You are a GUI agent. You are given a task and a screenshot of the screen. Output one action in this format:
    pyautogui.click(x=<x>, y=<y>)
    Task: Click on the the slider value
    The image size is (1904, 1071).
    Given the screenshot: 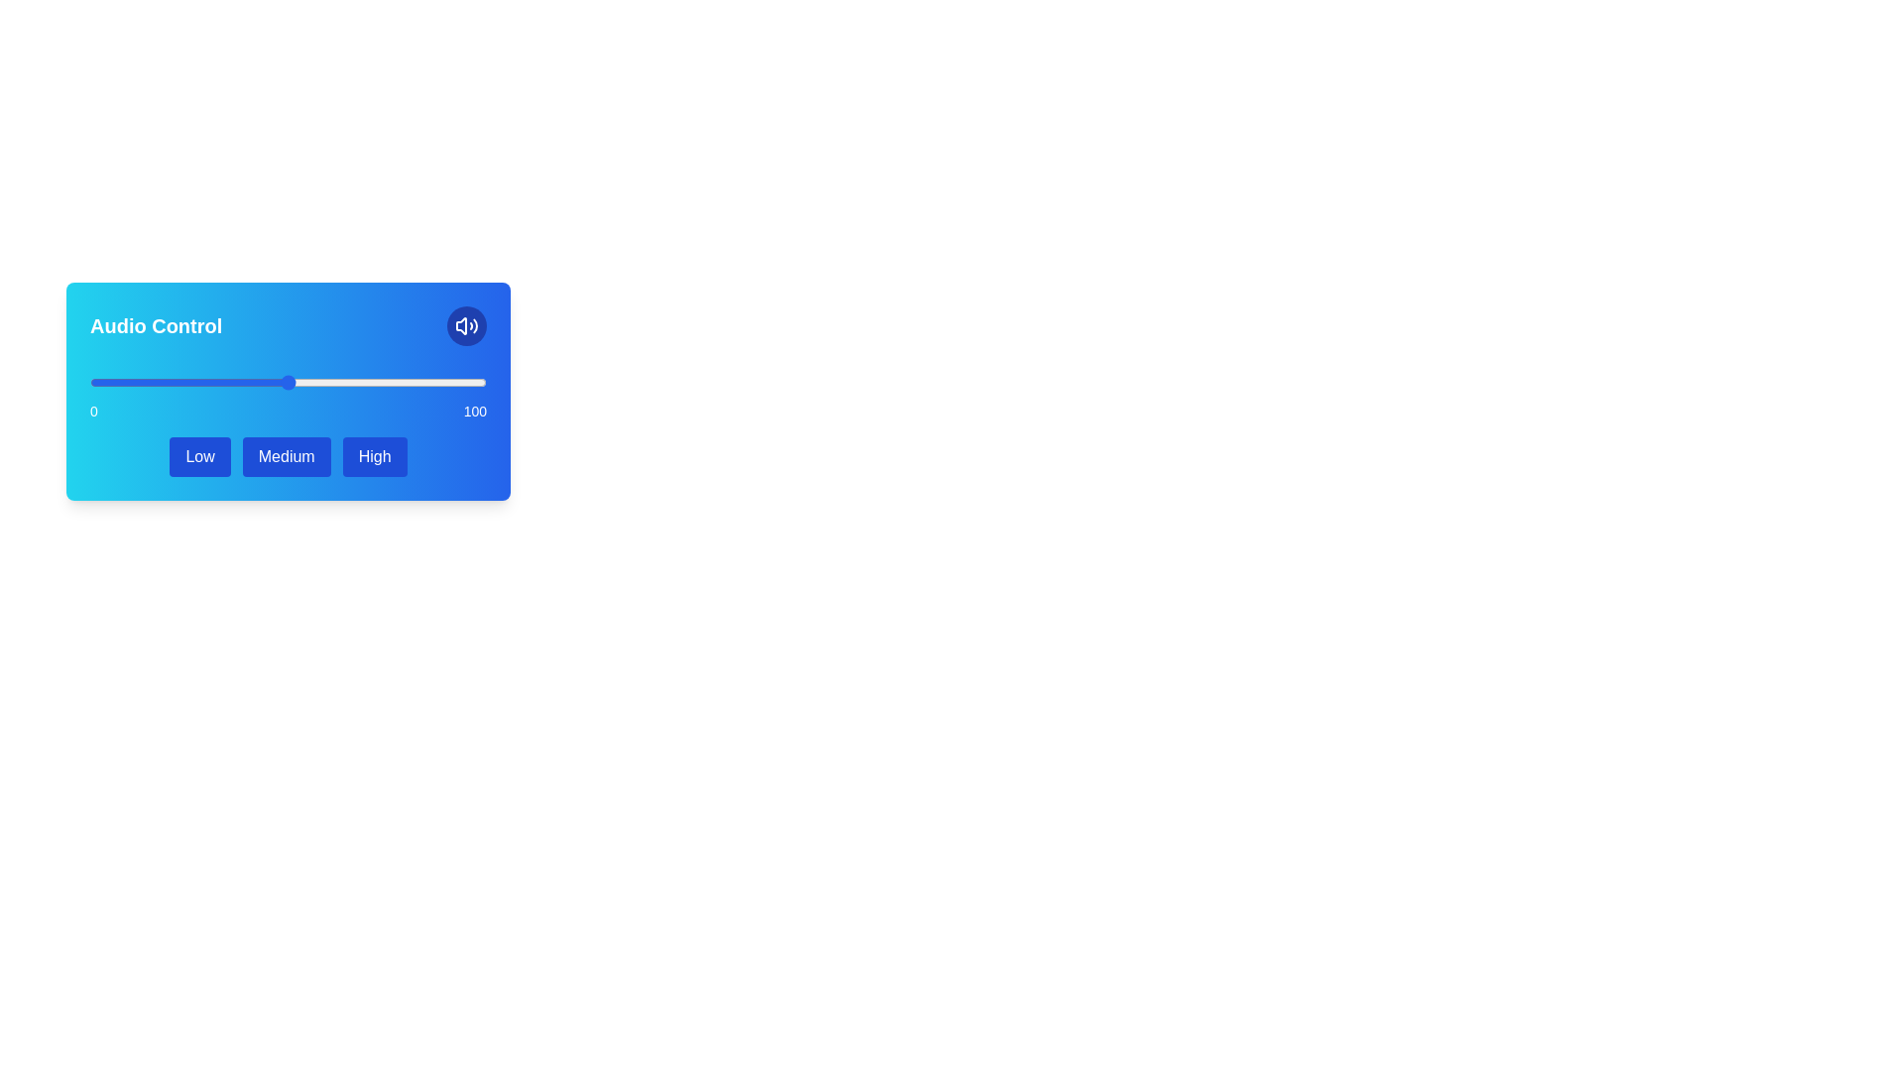 What is the action you would take?
    pyautogui.click(x=237, y=382)
    